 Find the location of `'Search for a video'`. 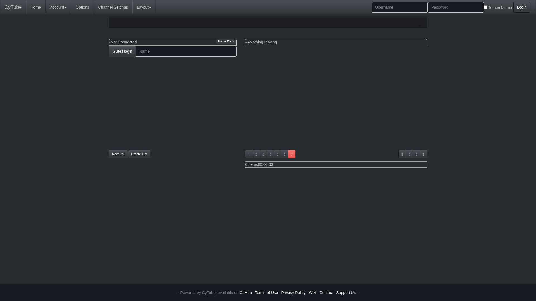

'Search for a video' is located at coordinates (256, 154).